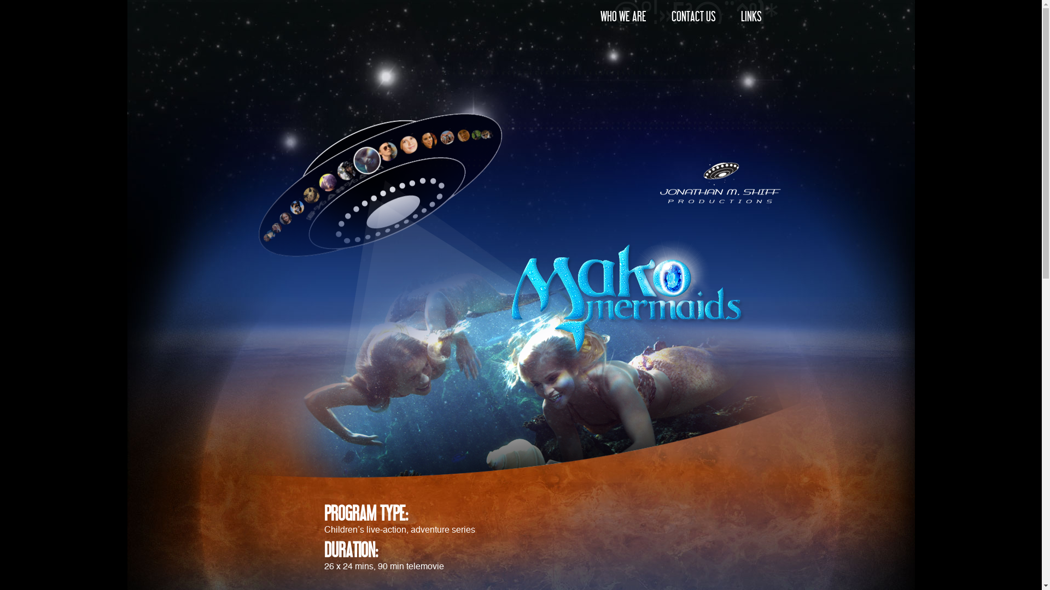 The width and height of the screenshot is (1050, 590). Describe the element at coordinates (425, 140) in the screenshot. I see `'Elephant Princess'` at that location.